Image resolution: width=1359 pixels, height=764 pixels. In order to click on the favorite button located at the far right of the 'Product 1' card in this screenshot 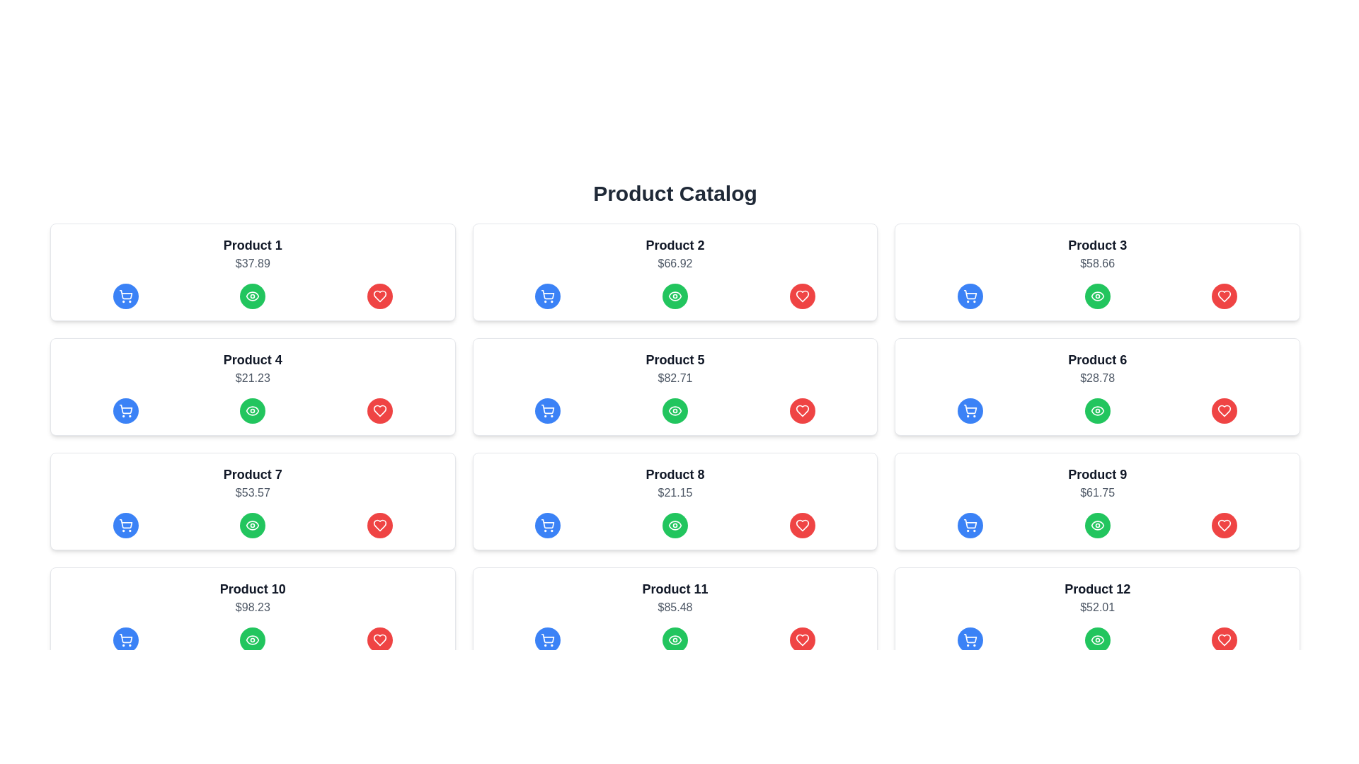, I will do `click(379, 296)`.